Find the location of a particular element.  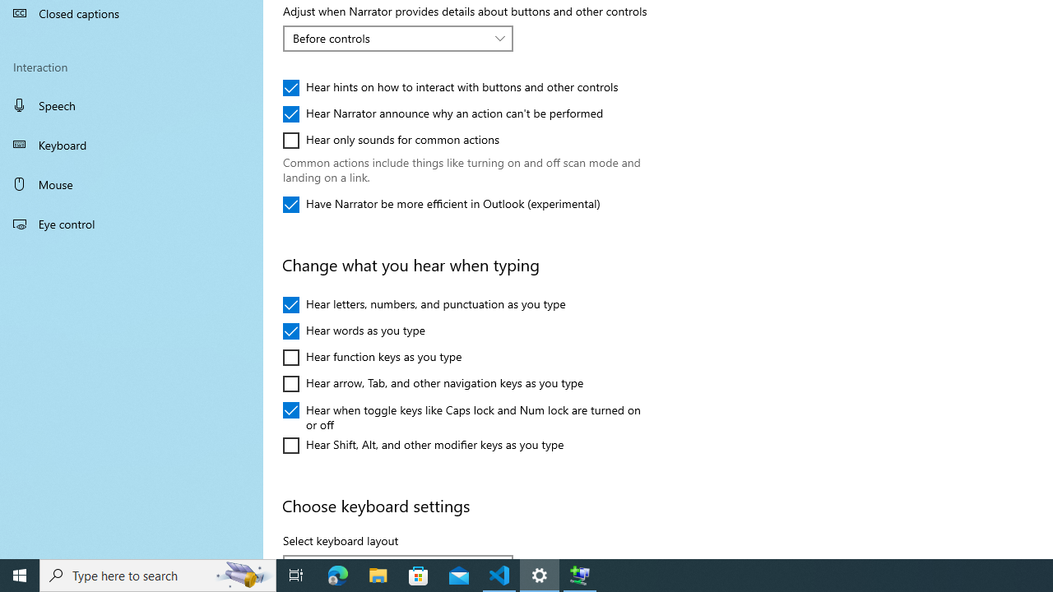

'Type here to search' is located at coordinates (158, 574).